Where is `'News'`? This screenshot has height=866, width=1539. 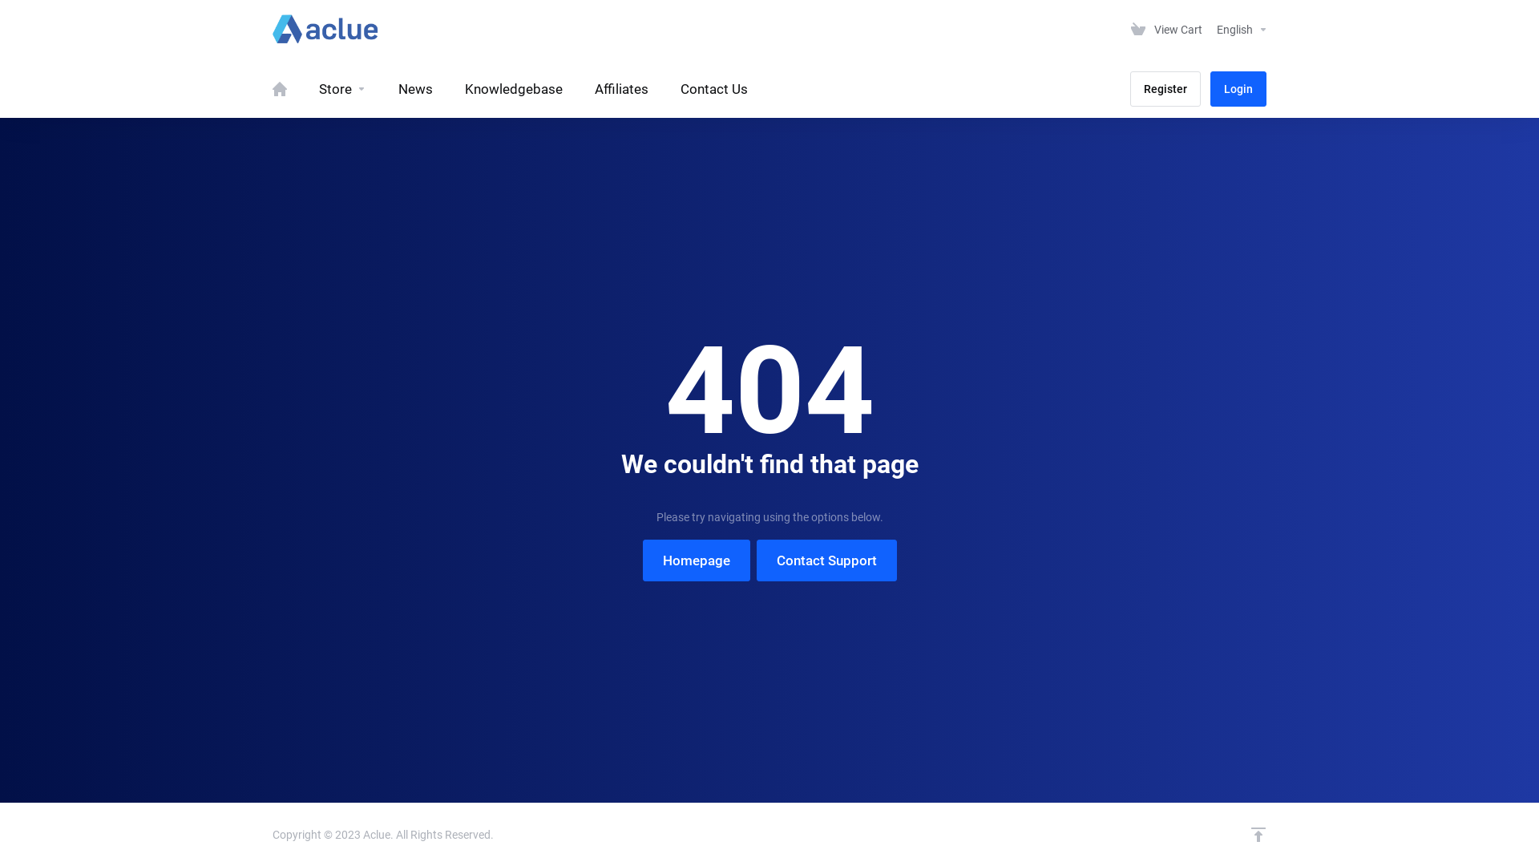
'News' is located at coordinates (415, 89).